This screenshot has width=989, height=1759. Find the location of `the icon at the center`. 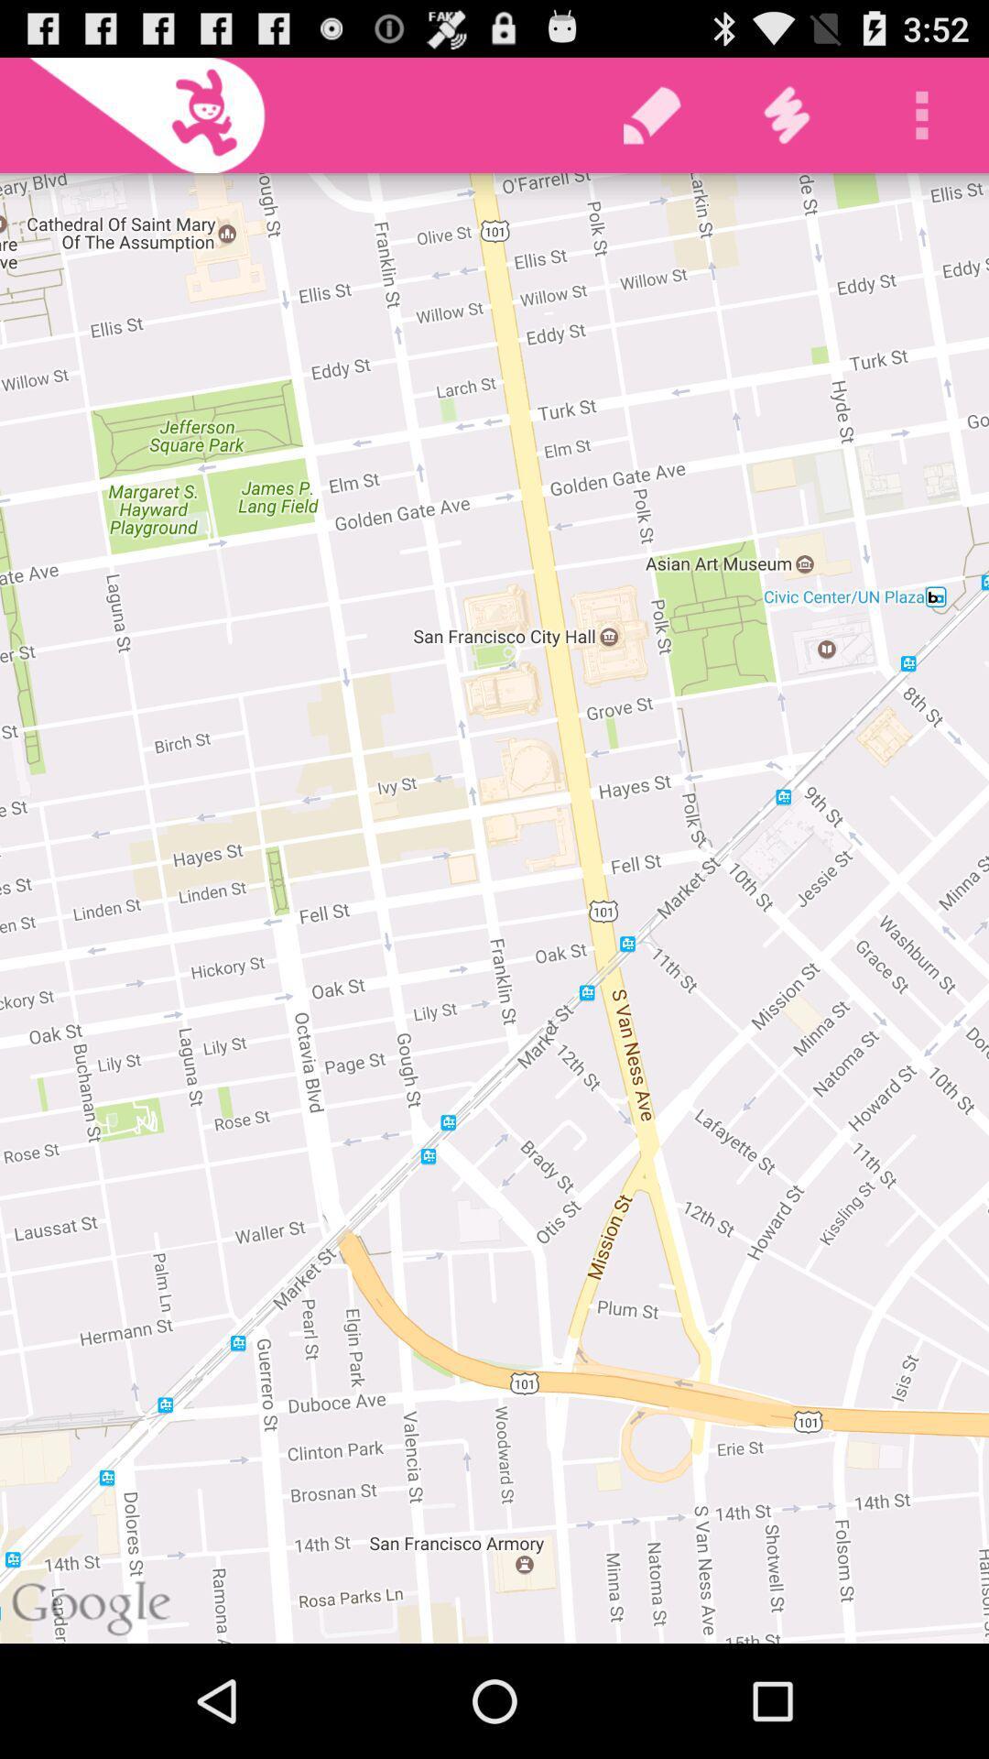

the icon at the center is located at coordinates (494, 908).